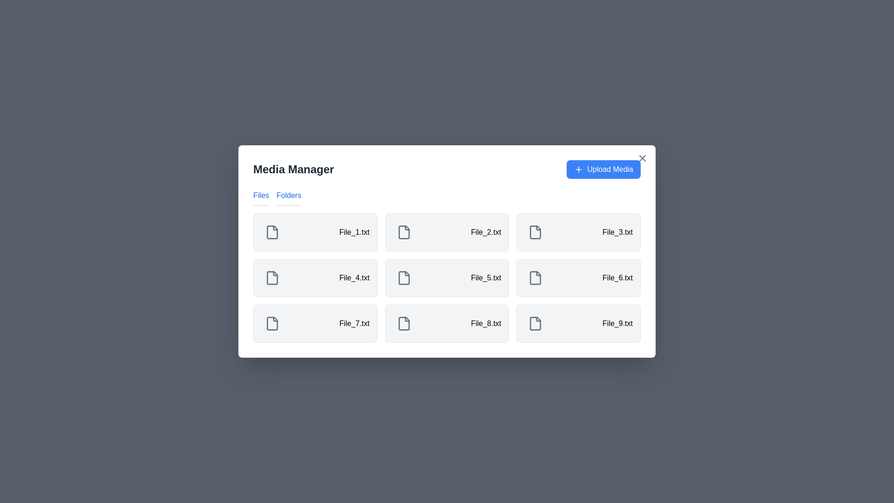 The image size is (894, 503). I want to click on the file icon resembling a page with a folded corner located adjacent to the filename label 'File_7.txt' in the bottom-left quadrant of the layout, so click(272, 323).